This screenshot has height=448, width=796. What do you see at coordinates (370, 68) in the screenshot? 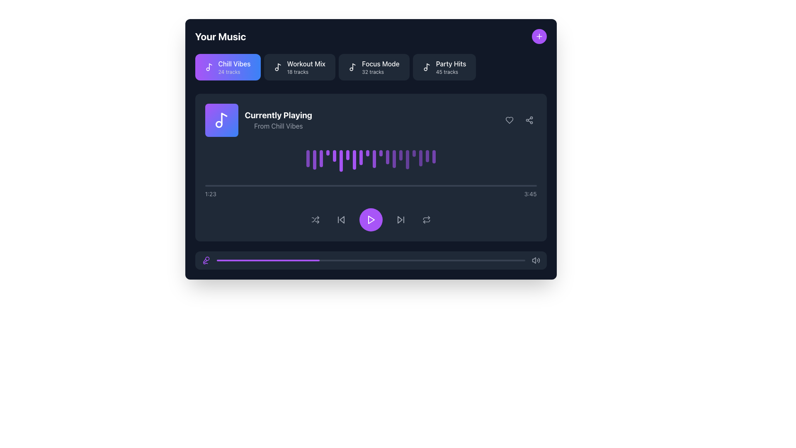
I see `the third playlist card from the left in the 'Your Music' section` at bounding box center [370, 68].